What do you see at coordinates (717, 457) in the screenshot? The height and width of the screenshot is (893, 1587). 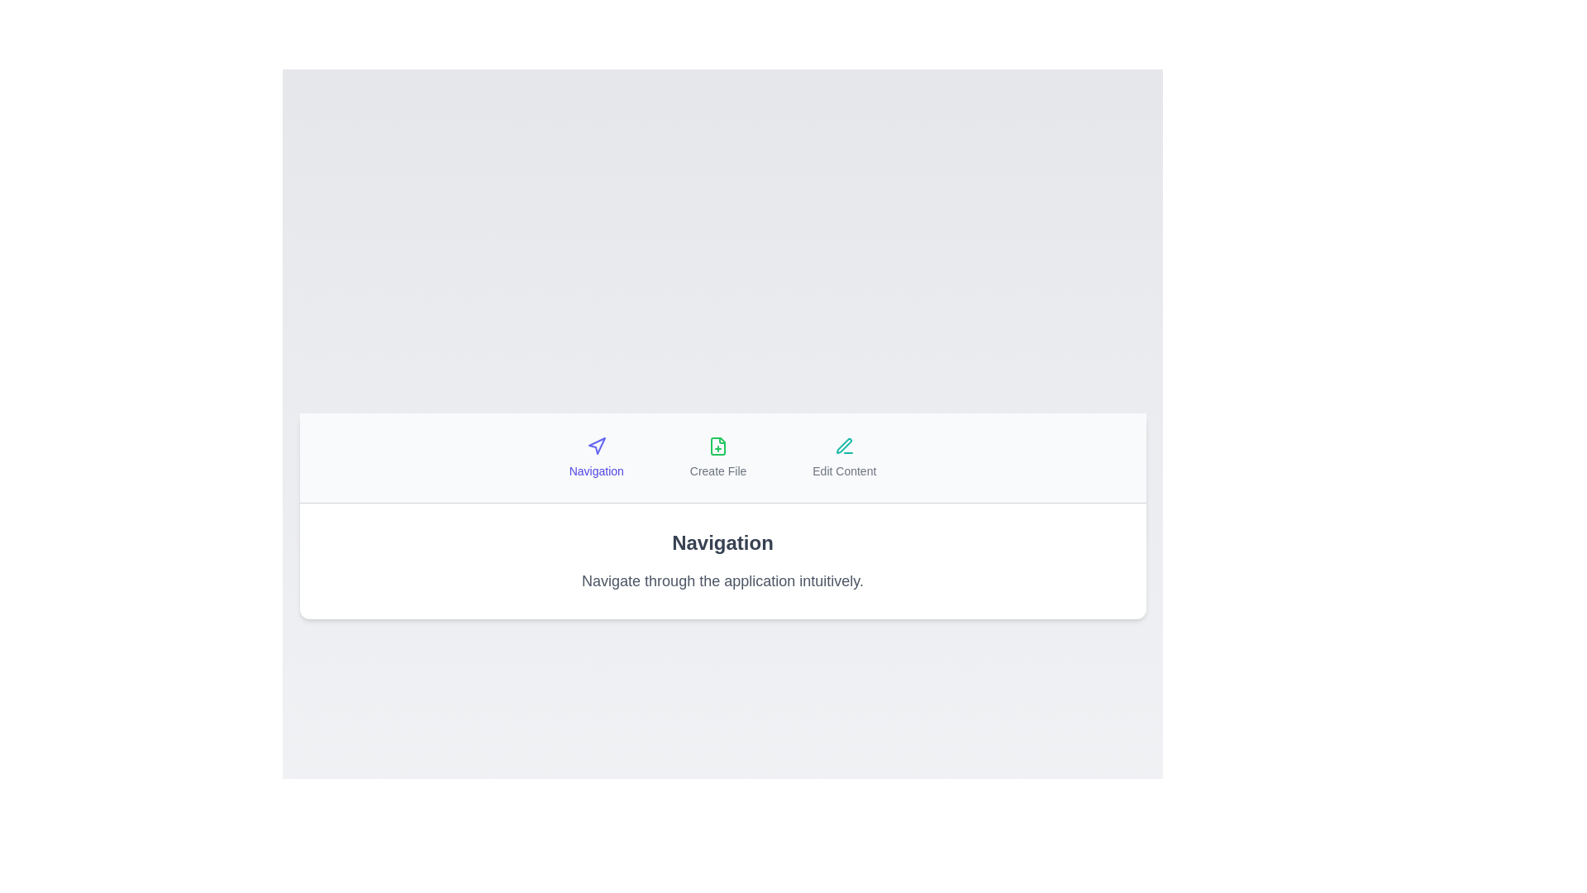 I see `the tab labeled Create File` at bounding box center [717, 457].